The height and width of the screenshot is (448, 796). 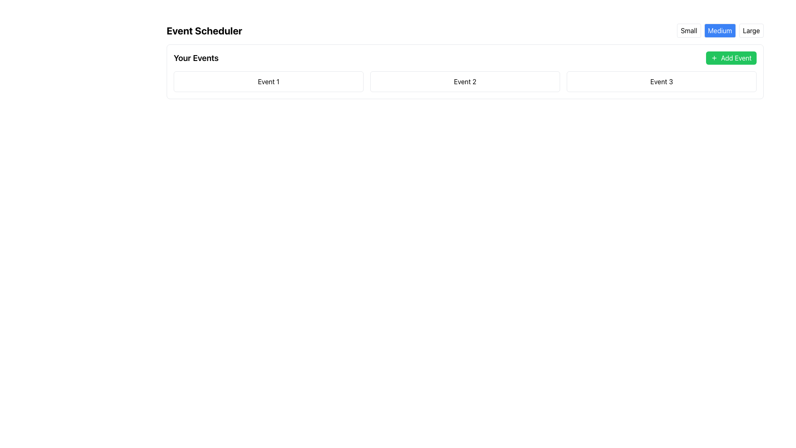 I want to click on the 'Large' button, which is the third button in a row of three buttons labeled 'Small', 'Medium', and 'Large'. It has a rectangular shape with a white background and black text, so click(x=751, y=30).